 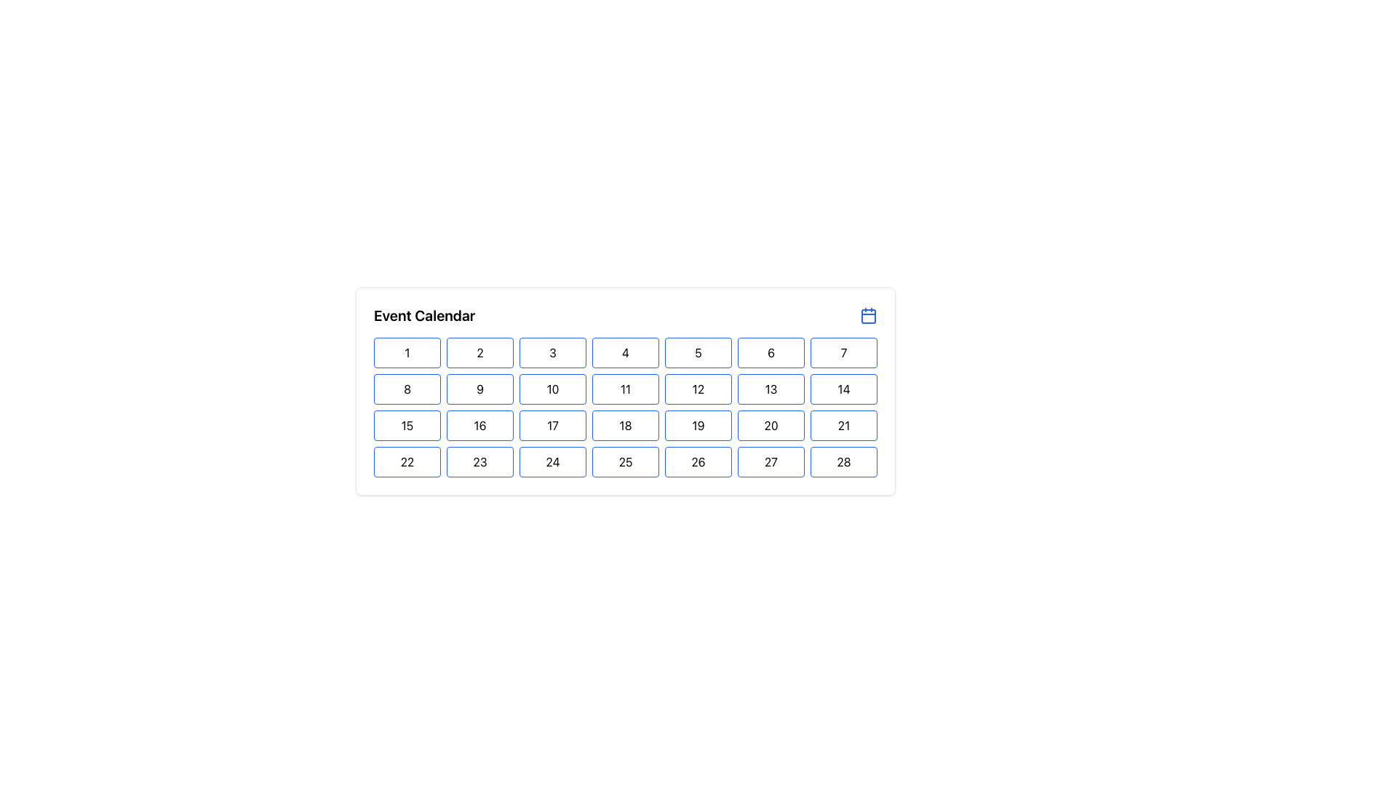 What do you see at coordinates (771, 353) in the screenshot?
I see `the button representing the sixth day in the calendar layout` at bounding box center [771, 353].